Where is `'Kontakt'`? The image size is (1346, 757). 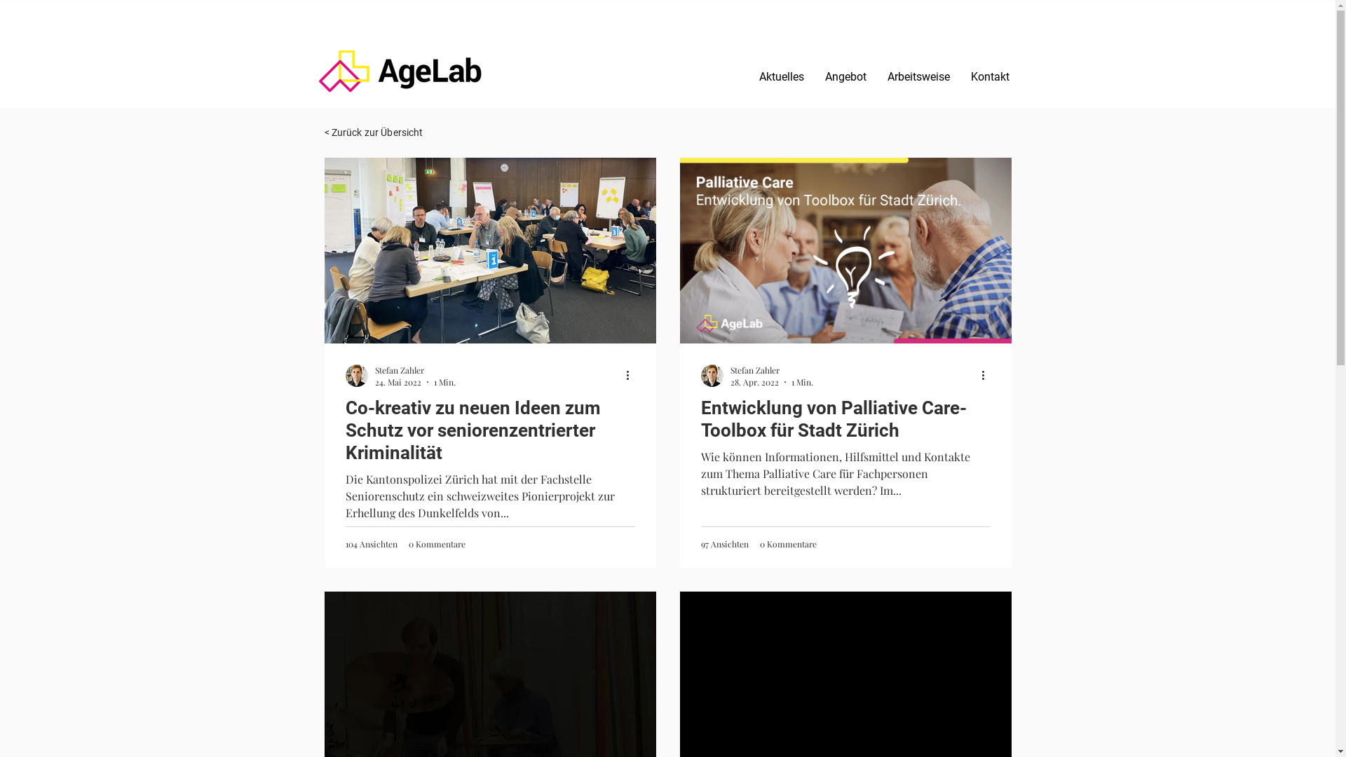
'Kontakt' is located at coordinates (989, 76).